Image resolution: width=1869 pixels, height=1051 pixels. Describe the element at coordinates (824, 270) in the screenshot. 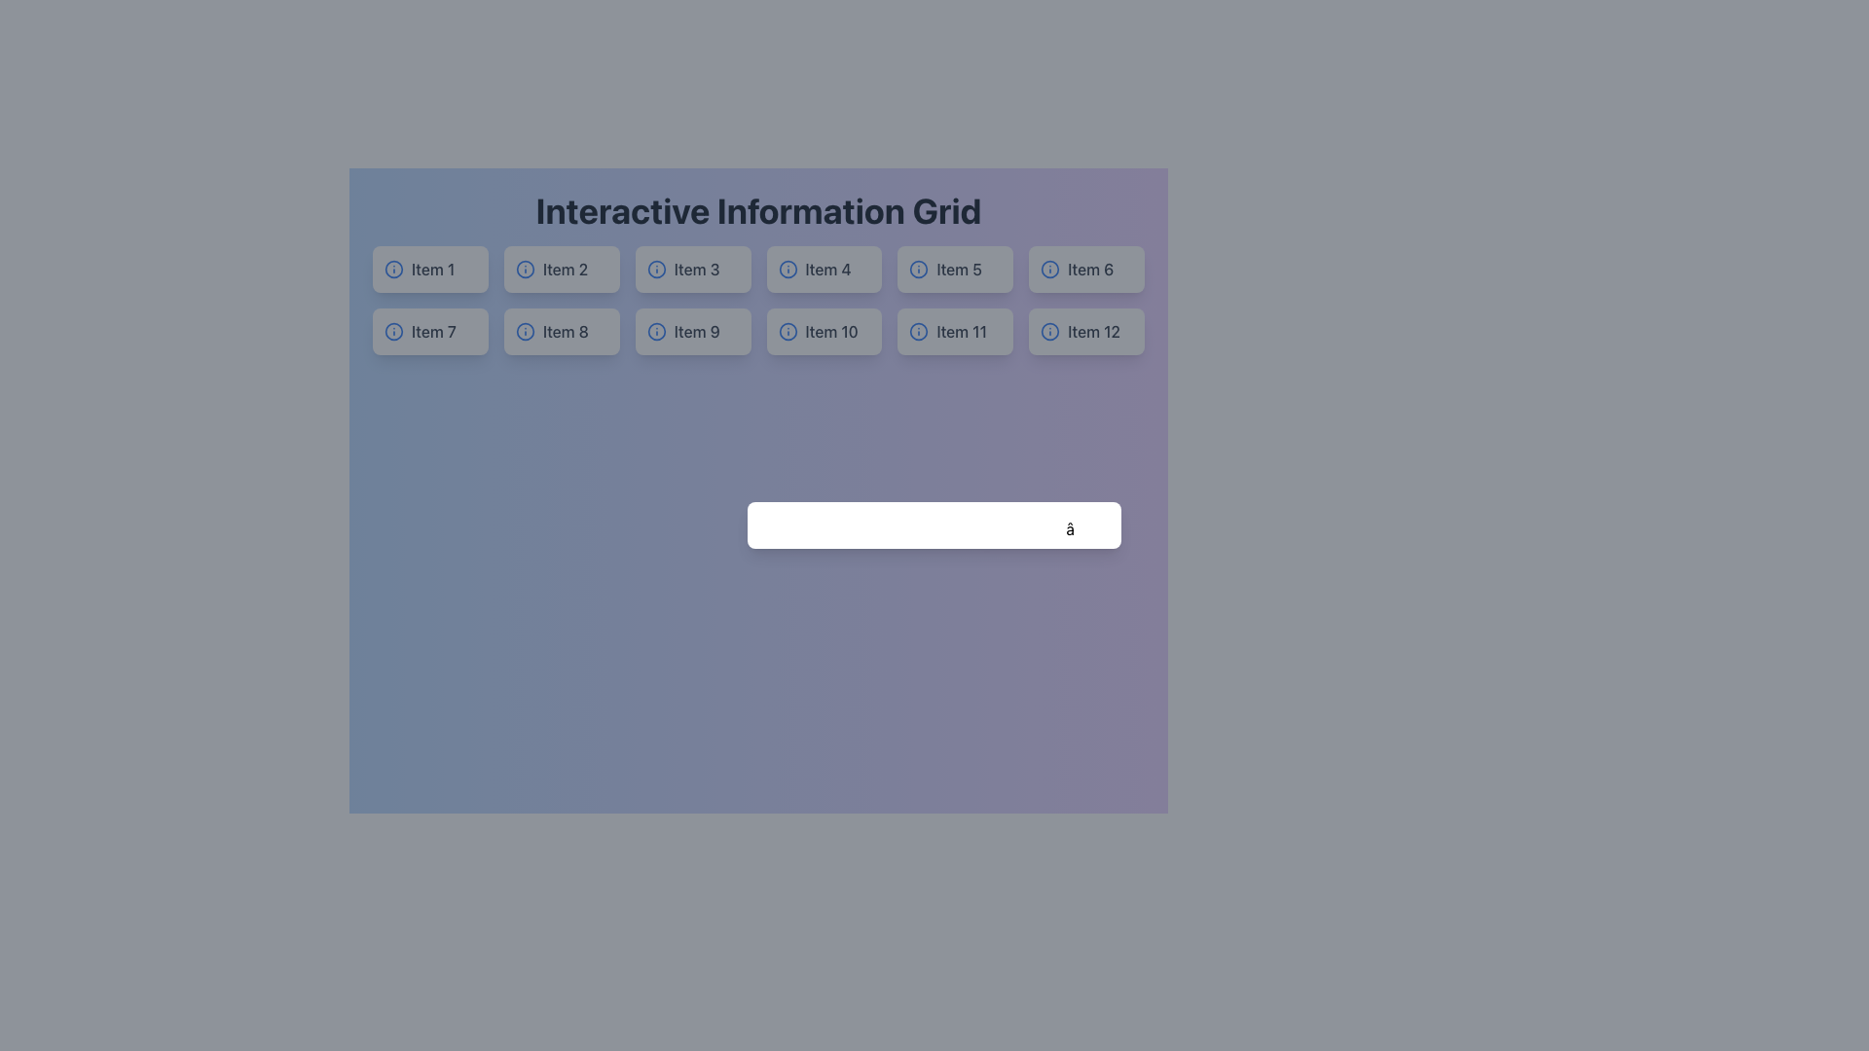

I see `the Label with Icon that reads 'Item 4', which features a blue circular information icon to its left` at that location.